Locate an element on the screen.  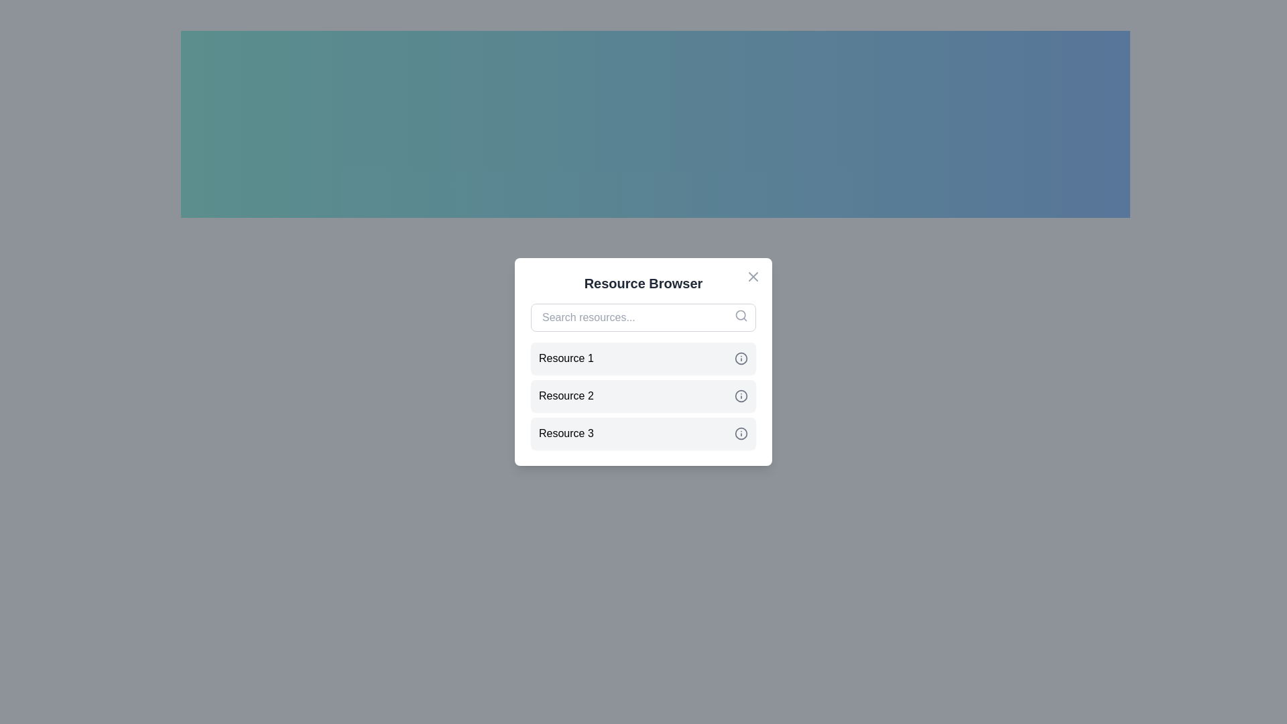
the circular lens part of the magnifying glass icon located in the top-right corner of the search bar within the 'Resource Browser' modal is located at coordinates (740, 315).